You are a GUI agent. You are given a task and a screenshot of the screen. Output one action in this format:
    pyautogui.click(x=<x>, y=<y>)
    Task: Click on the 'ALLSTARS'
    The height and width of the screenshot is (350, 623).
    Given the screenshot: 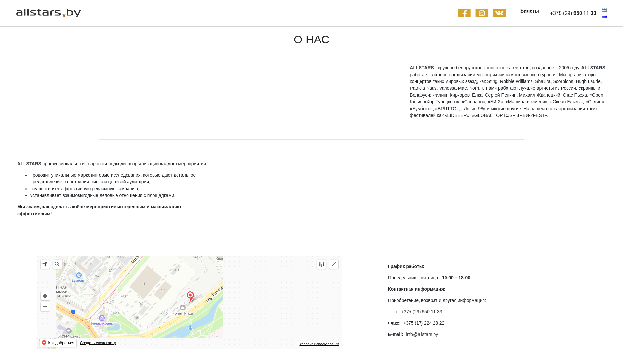 What is the action you would take?
    pyautogui.click(x=409, y=67)
    